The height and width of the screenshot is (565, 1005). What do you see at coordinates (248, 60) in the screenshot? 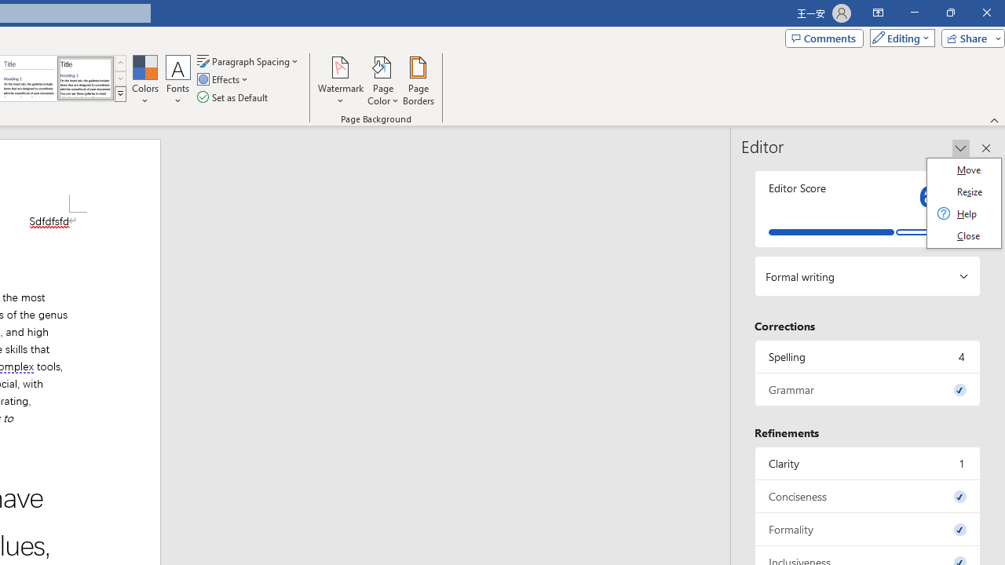
I see `'Paragraph Spacing'` at bounding box center [248, 60].